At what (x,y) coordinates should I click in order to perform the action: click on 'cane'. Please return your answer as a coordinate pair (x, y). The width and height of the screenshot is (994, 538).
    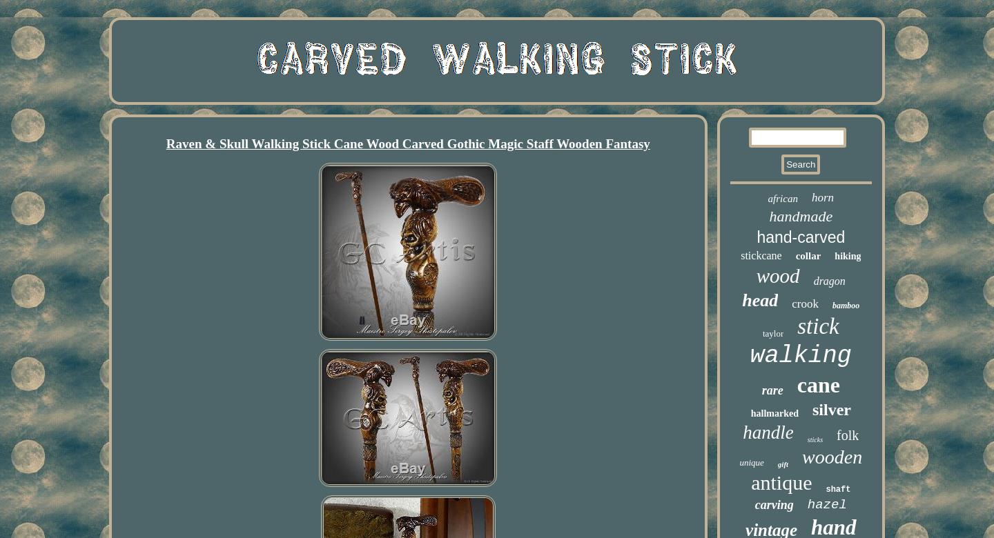
    Looking at the image, I should click on (817, 384).